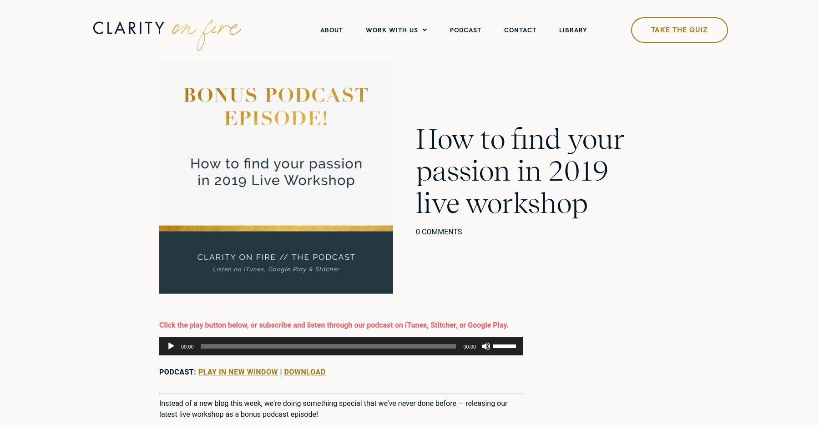 The height and width of the screenshot is (425, 819). What do you see at coordinates (319, 30) in the screenshot?
I see `'ABOUT'` at bounding box center [319, 30].